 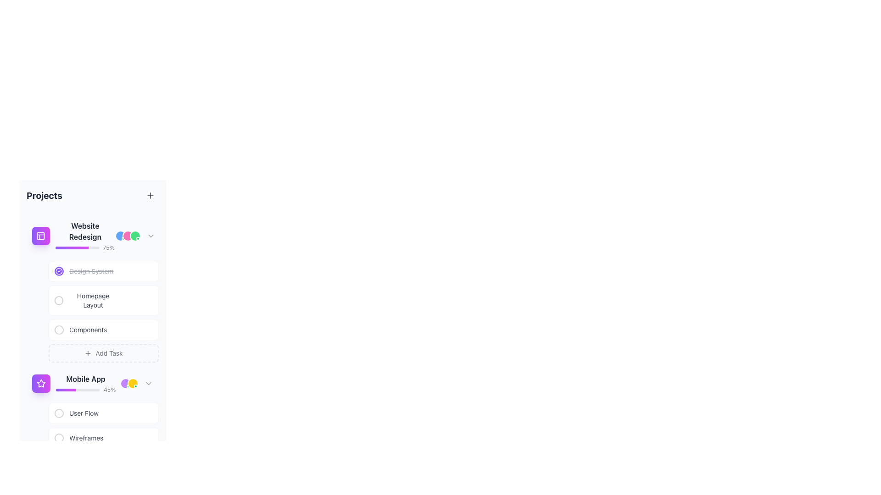 What do you see at coordinates (134, 330) in the screenshot?
I see `the text label that reads 'Next Week', which is styled in small gray font and accompanied by a green circular indicator to its left, located in the 'Components' section` at bounding box center [134, 330].